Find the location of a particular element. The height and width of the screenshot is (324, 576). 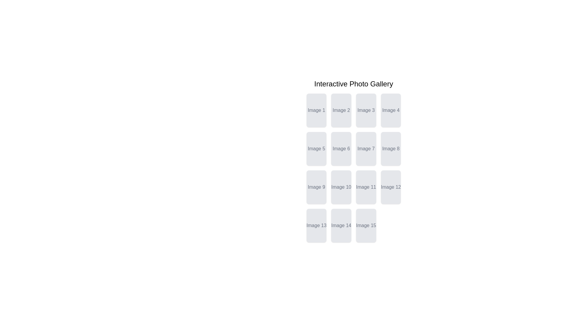

the interactive tile labeled 'Image 10' is located at coordinates (341, 187).